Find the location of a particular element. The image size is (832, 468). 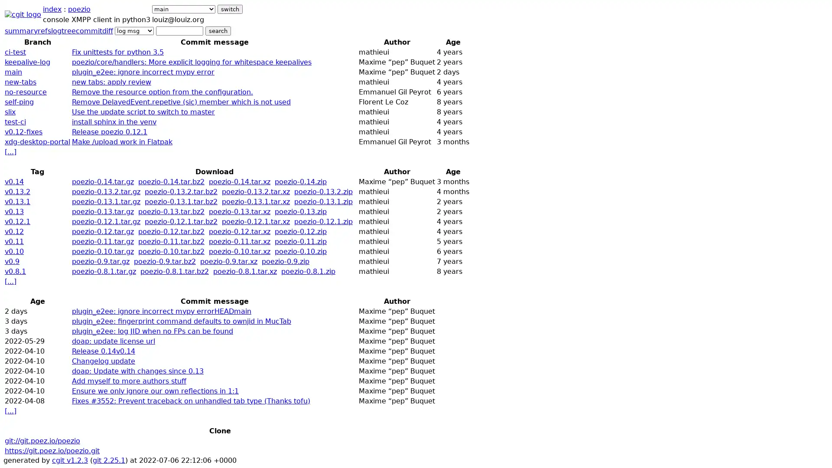

switch is located at coordinates (230, 9).